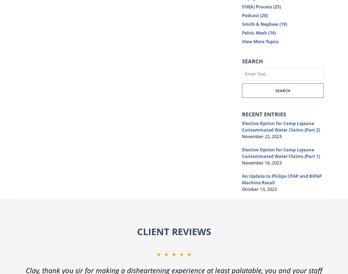  Describe the element at coordinates (262, 163) in the screenshot. I see `'November 16, 2023'` at that location.